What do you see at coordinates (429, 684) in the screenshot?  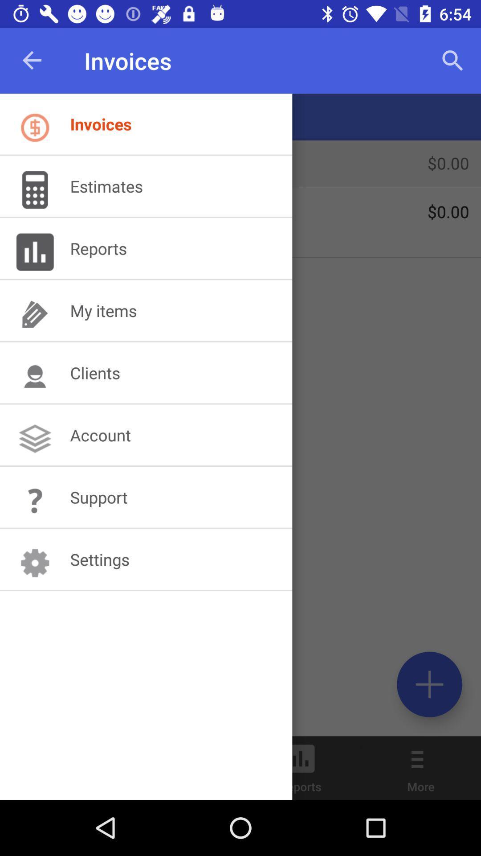 I see `the add icon` at bounding box center [429, 684].